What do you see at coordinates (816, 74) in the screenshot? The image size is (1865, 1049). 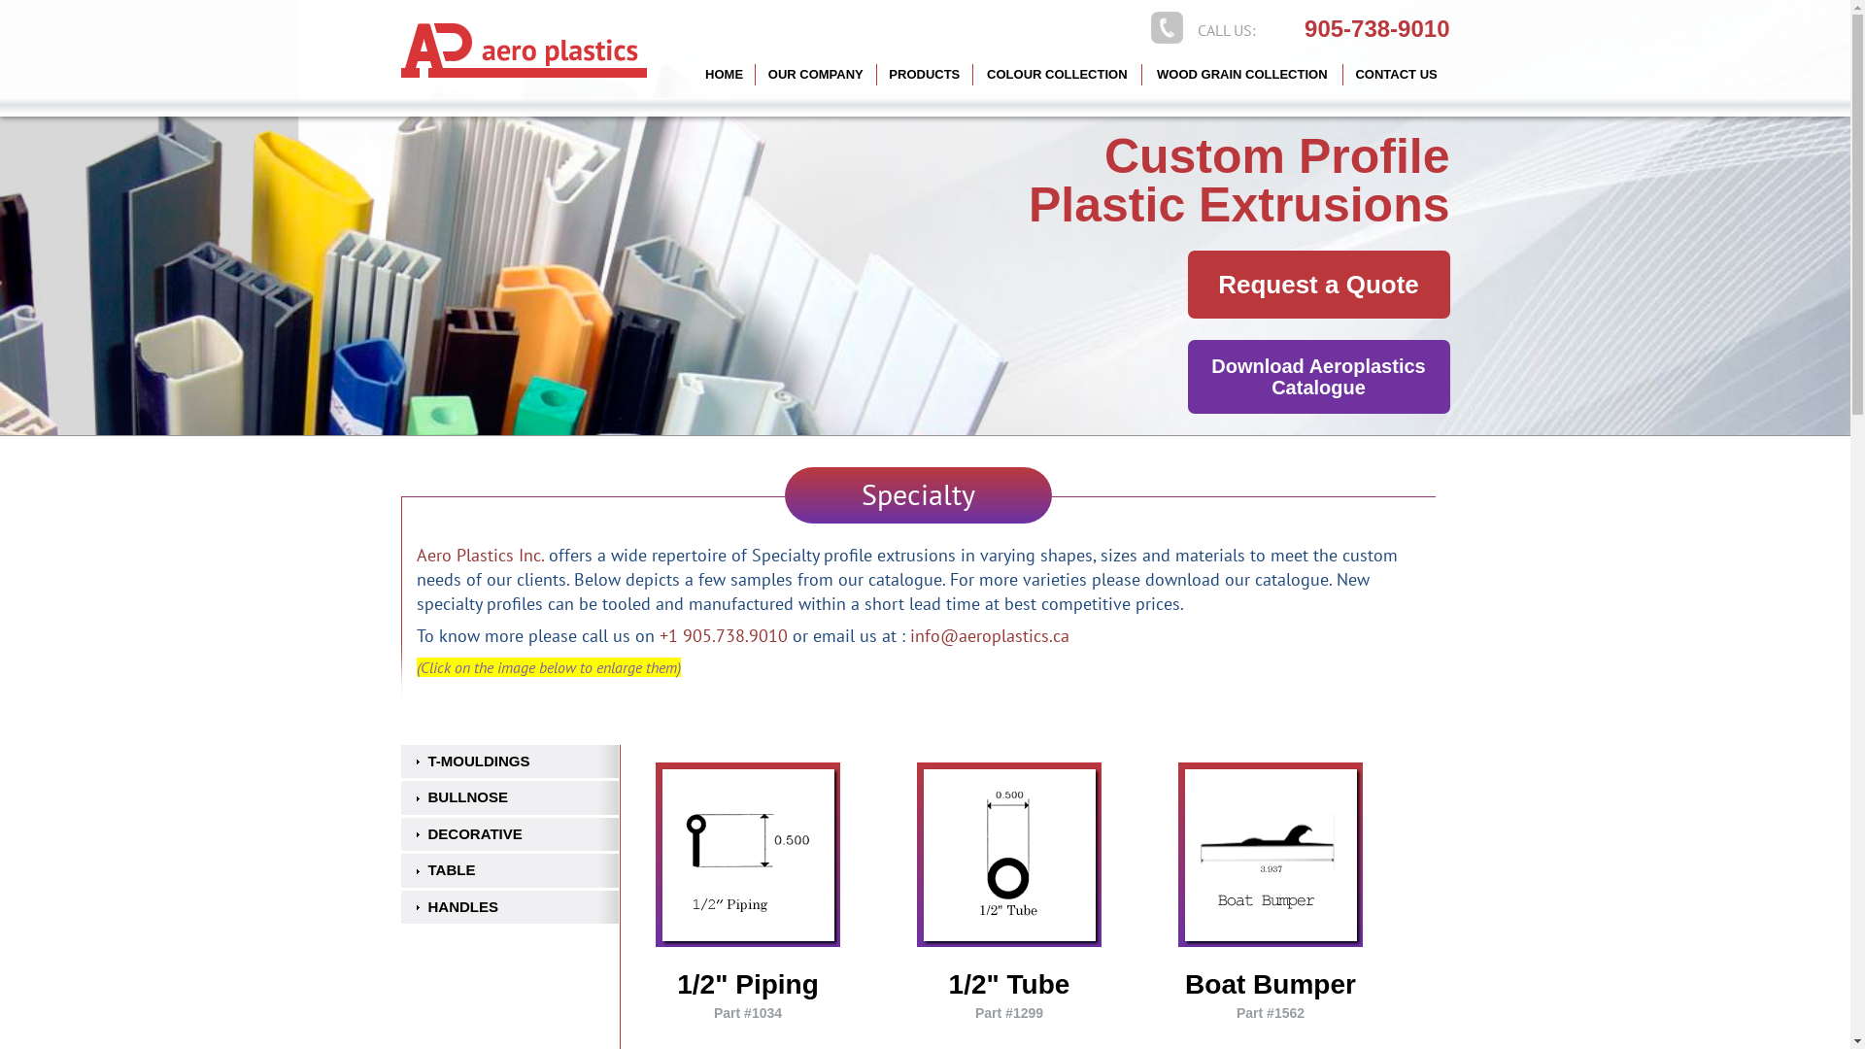 I see `'OUR COMPANY'` at bounding box center [816, 74].